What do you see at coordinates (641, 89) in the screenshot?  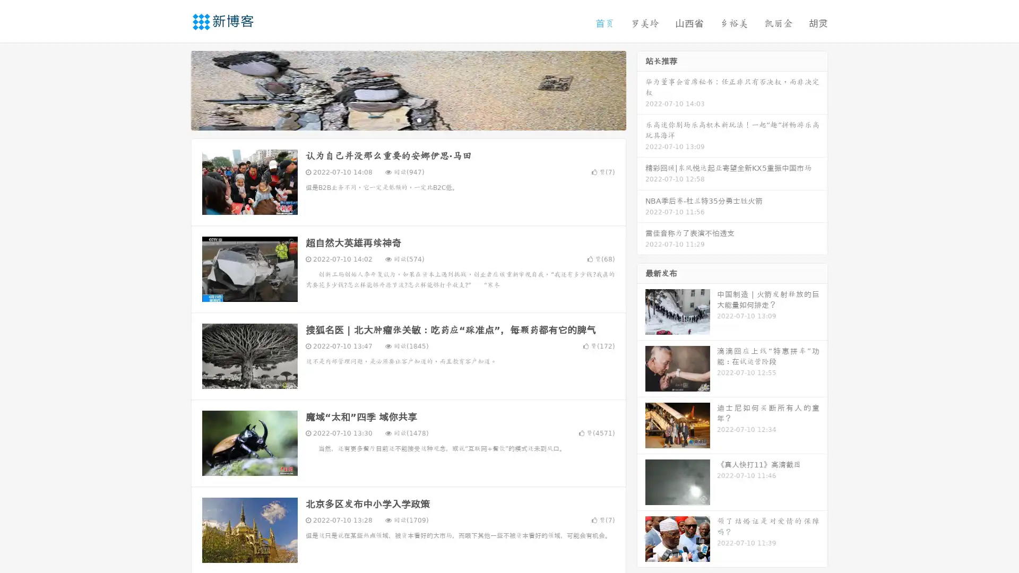 I see `Next slide` at bounding box center [641, 89].